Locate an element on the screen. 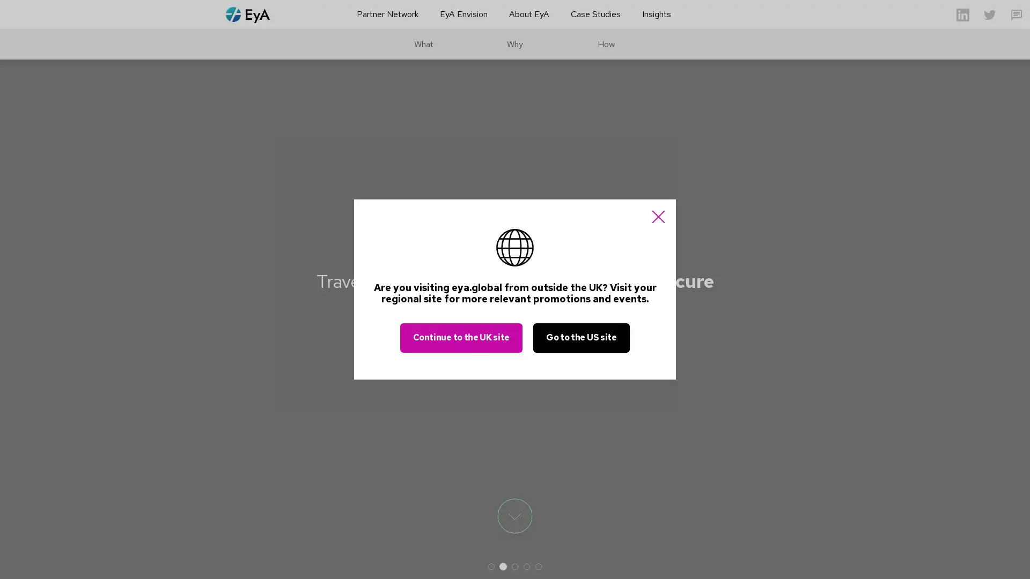 This screenshot has height=579, width=1030. 2 is located at coordinates (502, 566).